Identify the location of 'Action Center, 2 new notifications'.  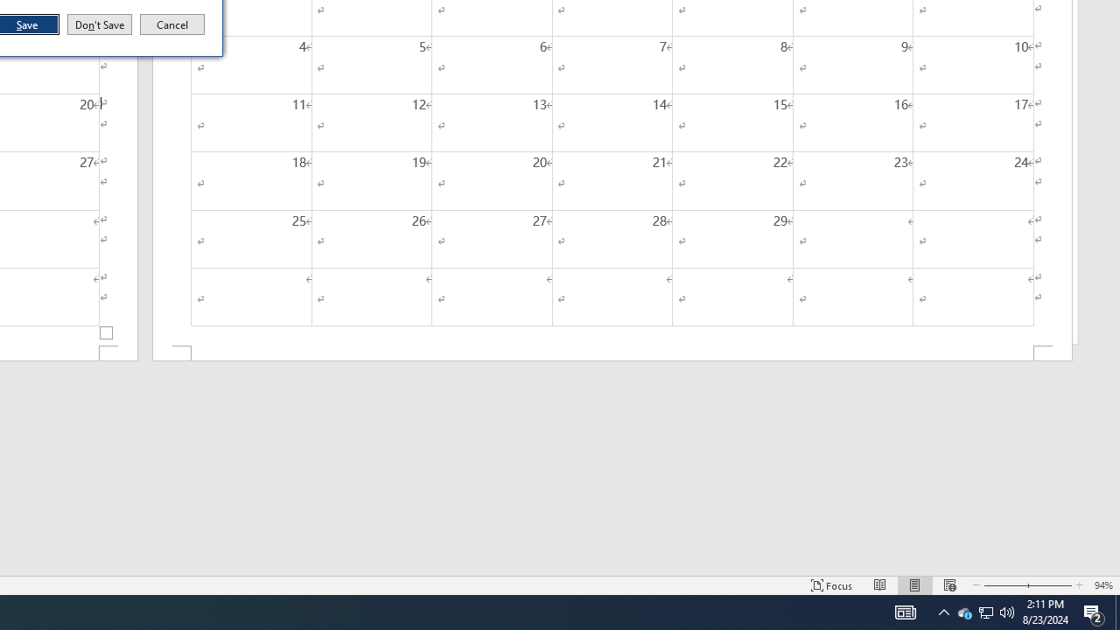
(1094, 611).